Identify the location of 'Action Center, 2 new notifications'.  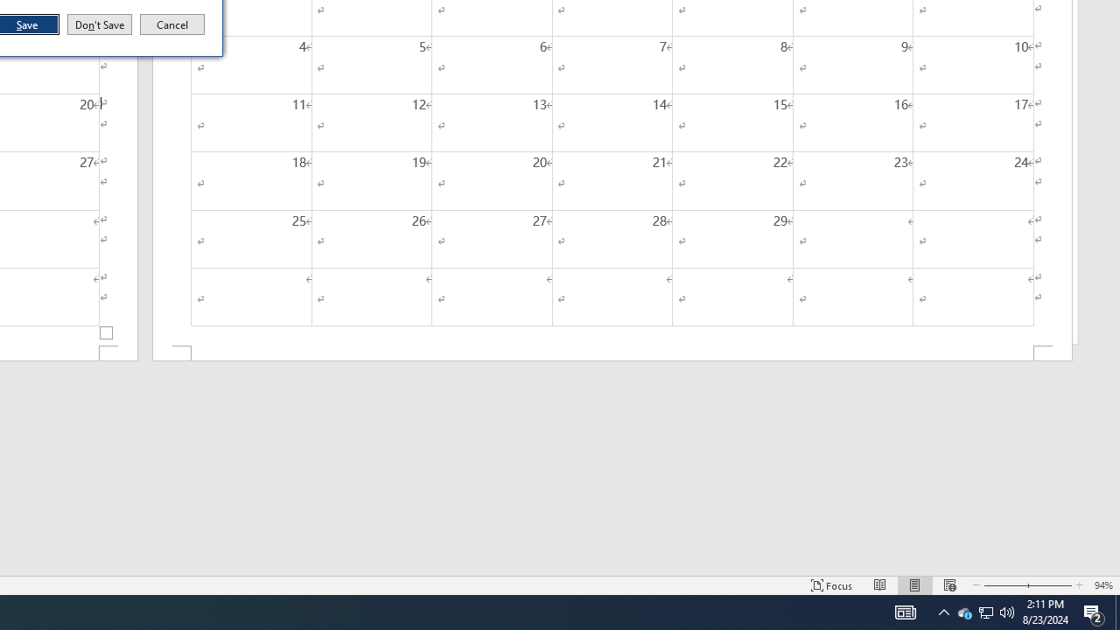
(1094, 611).